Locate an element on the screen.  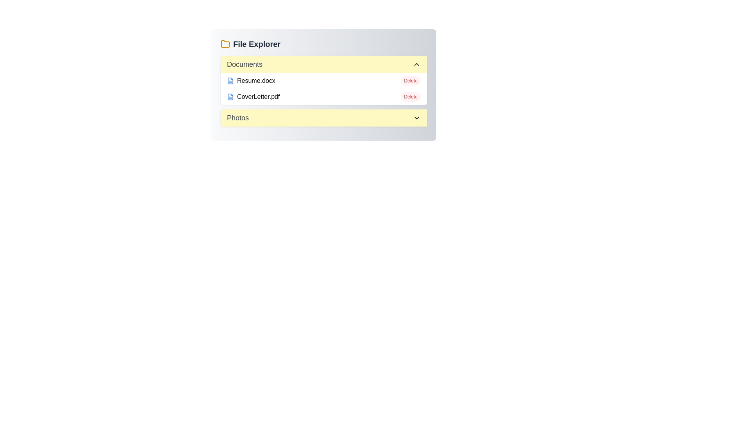
the file Resume.docx to open it is located at coordinates (251, 81).